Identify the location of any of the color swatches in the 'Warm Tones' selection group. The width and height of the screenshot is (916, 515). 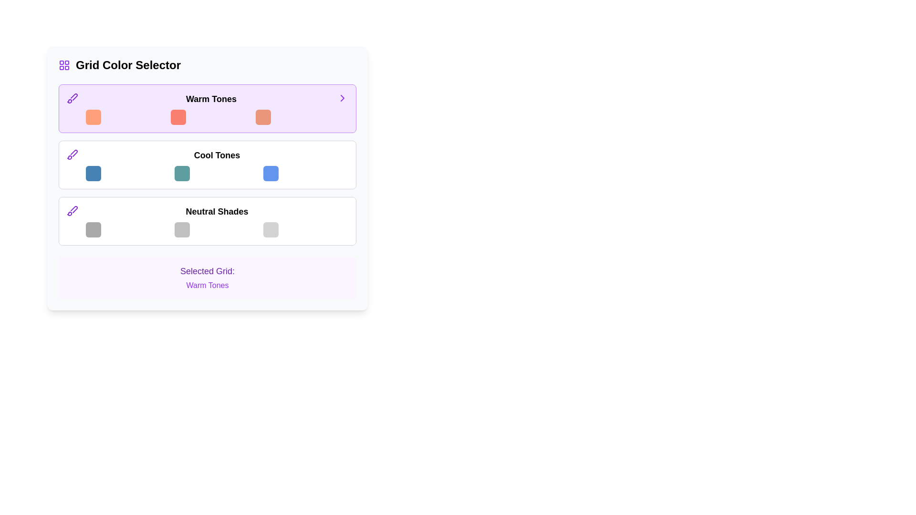
(210, 108).